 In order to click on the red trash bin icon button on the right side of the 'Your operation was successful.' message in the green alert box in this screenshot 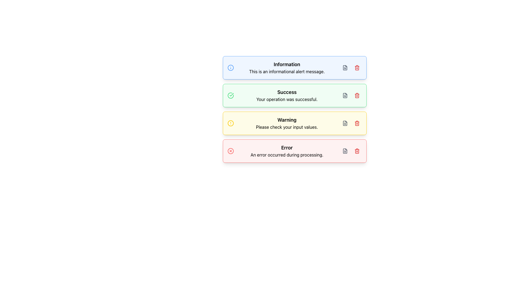, I will do `click(357, 95)`.